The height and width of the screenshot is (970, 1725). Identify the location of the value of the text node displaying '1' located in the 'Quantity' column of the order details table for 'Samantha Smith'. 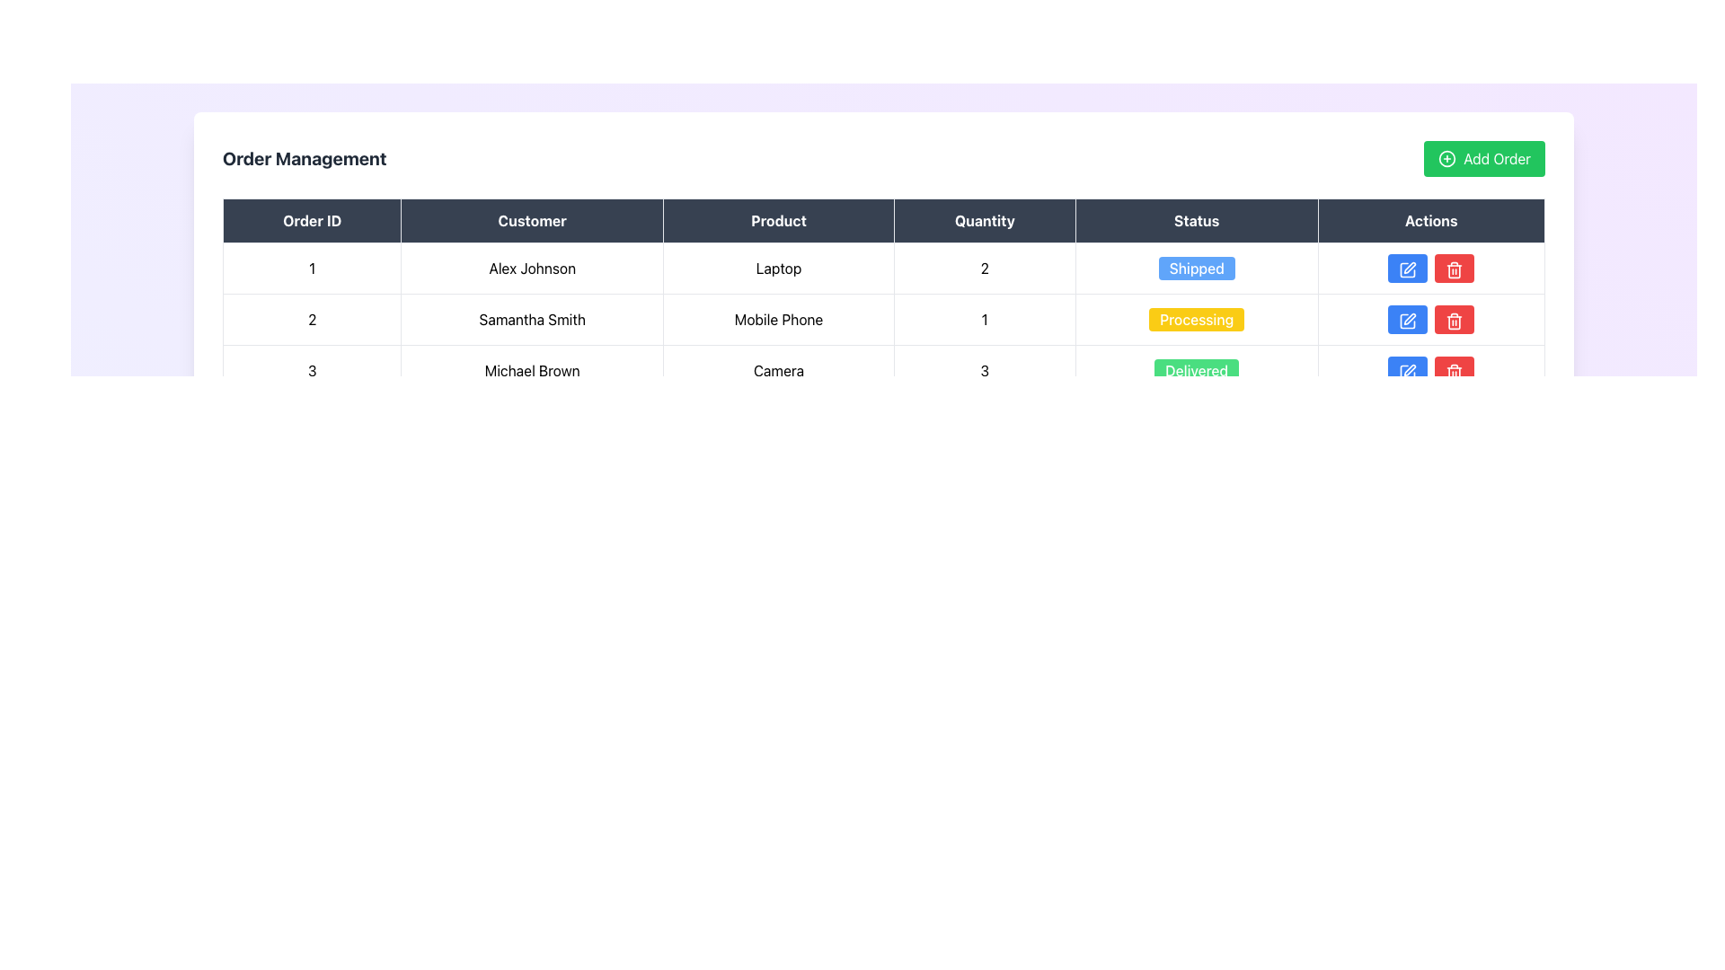
(984, 318).